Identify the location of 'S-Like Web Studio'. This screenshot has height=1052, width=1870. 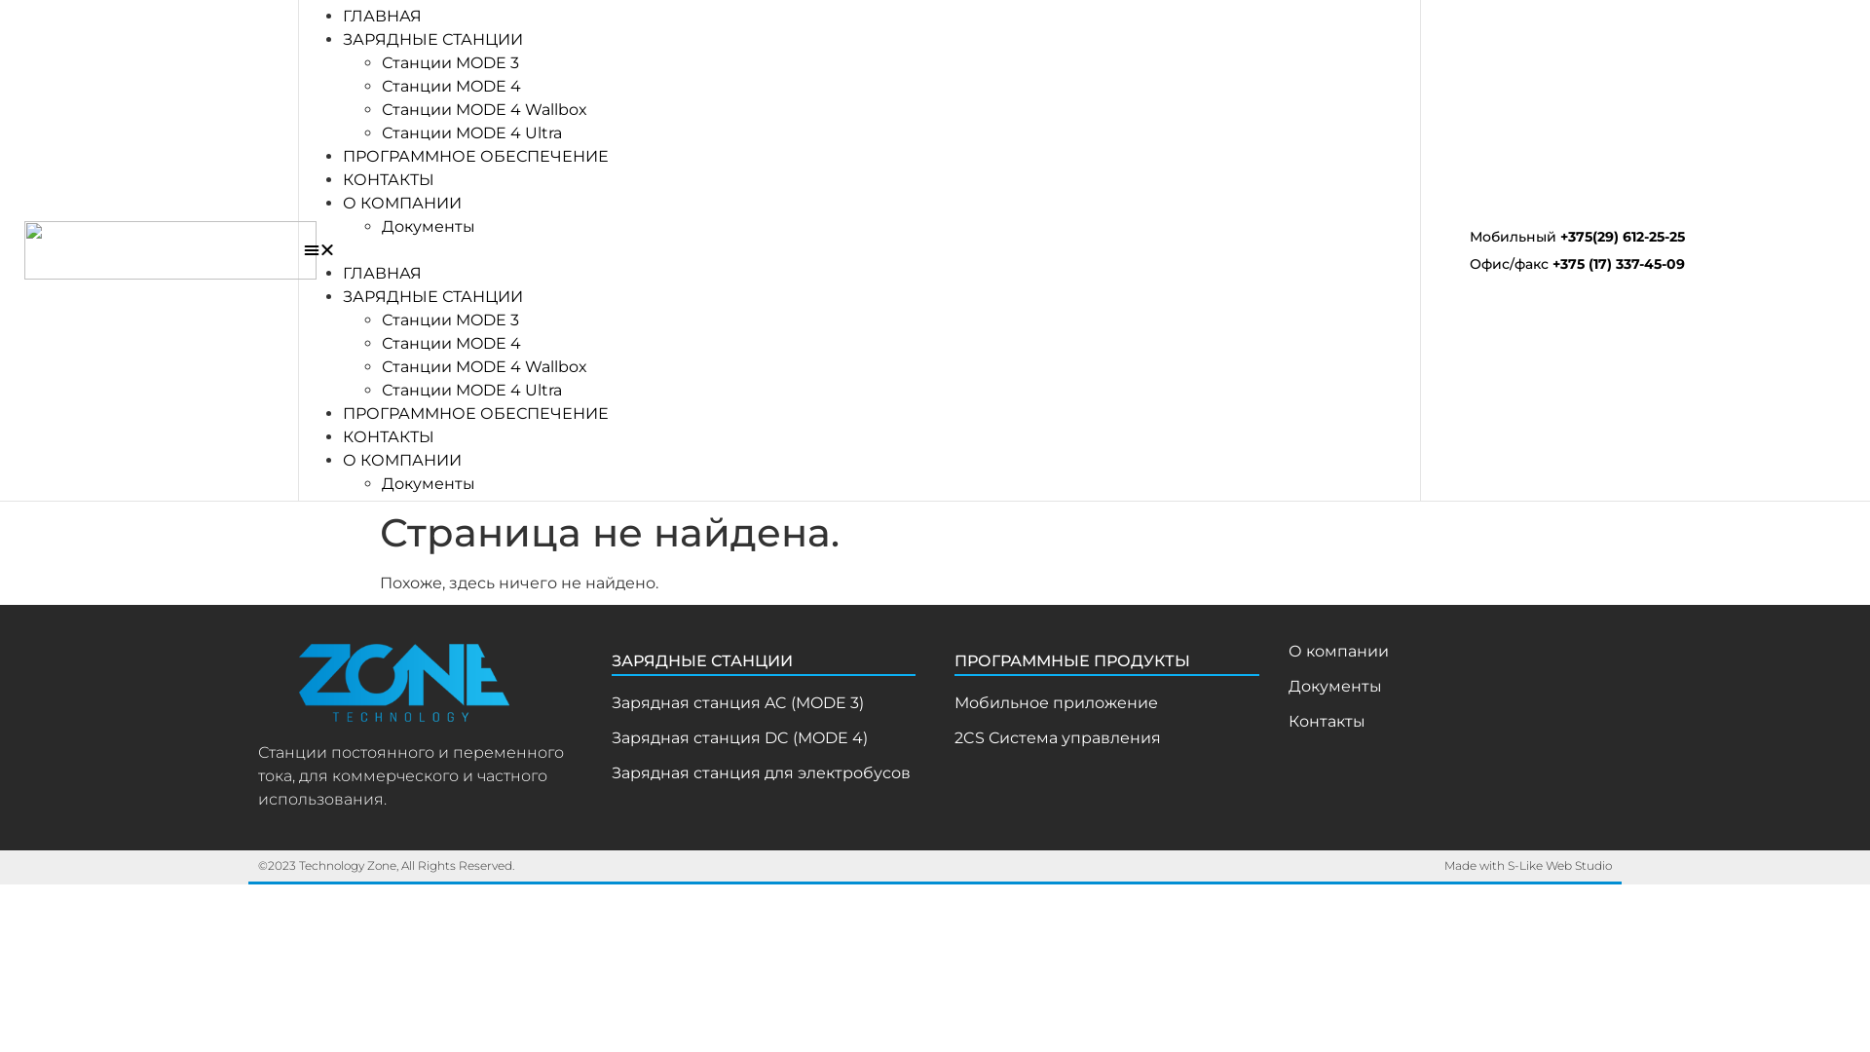
(1559, 864).